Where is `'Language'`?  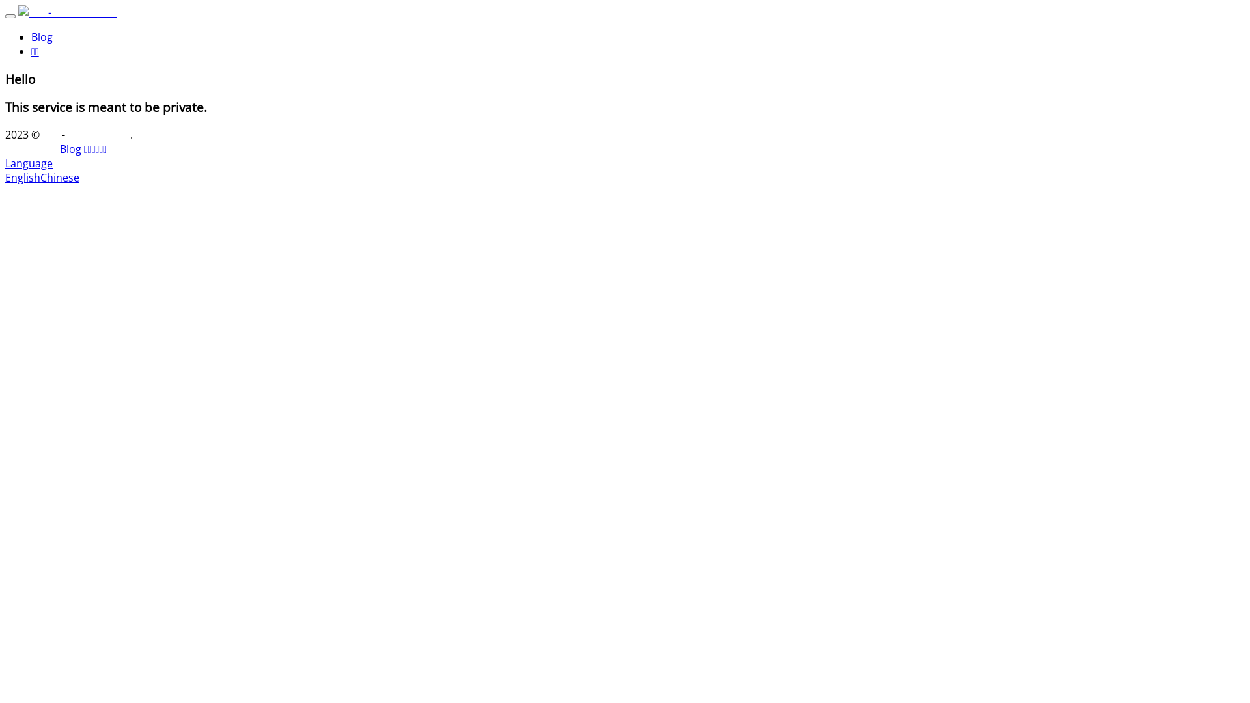
'Language' is located at coordinates (29, 162).